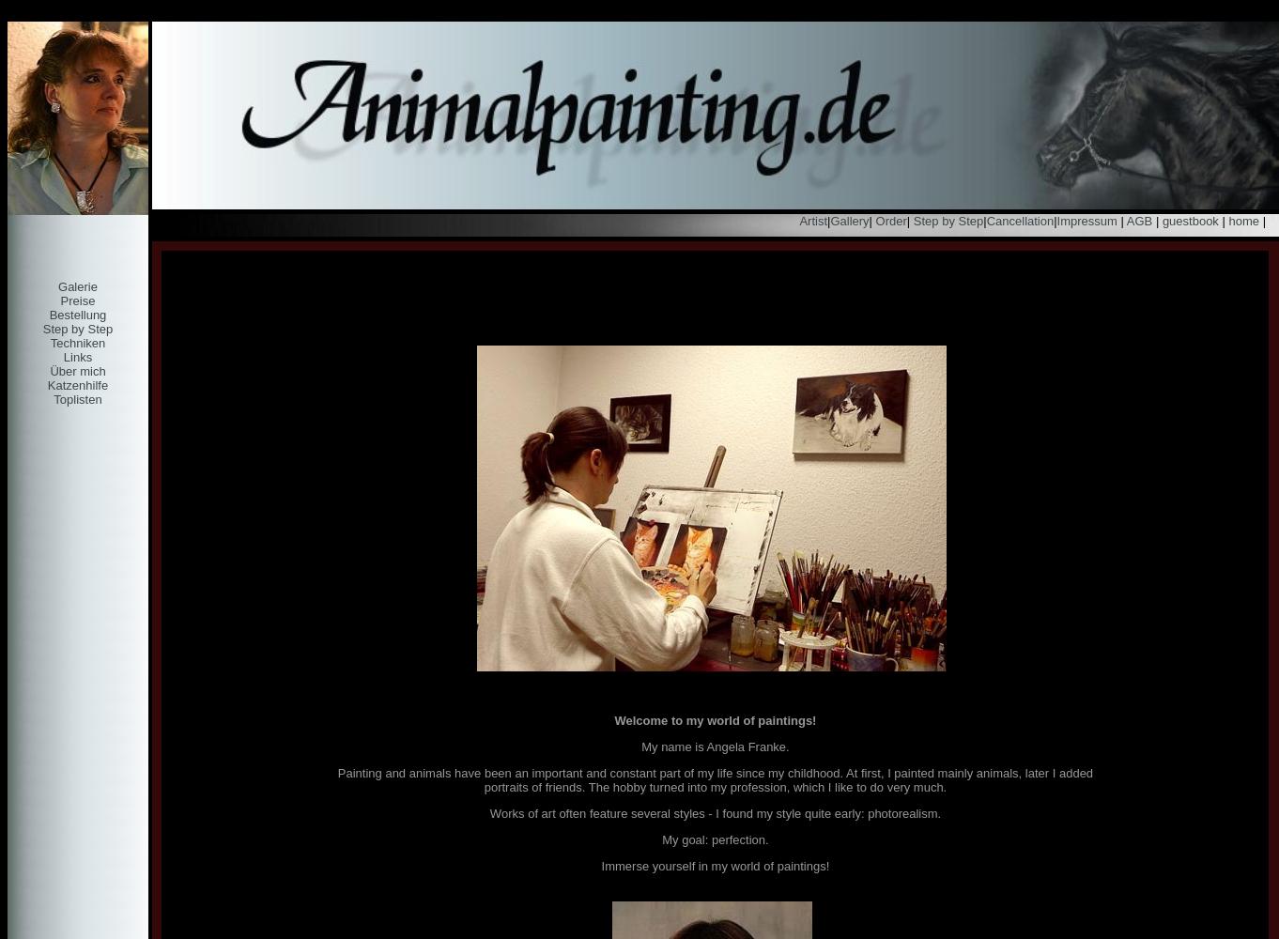  Describe the element at coordinates (1191, 220) in the screenshot. I see `'guestbook'` at that location.